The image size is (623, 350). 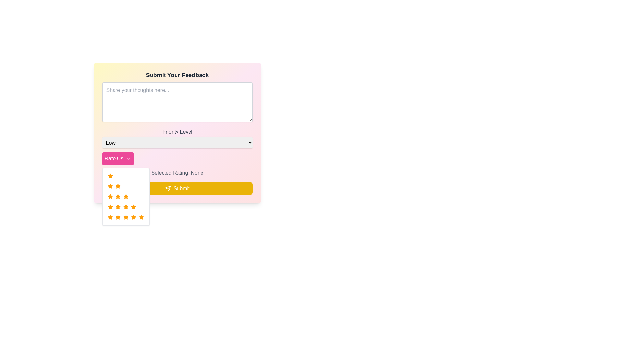 What do you see at coordinates (133, 207) in the screenshot?
I see `the vibrant orange star icon` at bounding box center [133, 207].